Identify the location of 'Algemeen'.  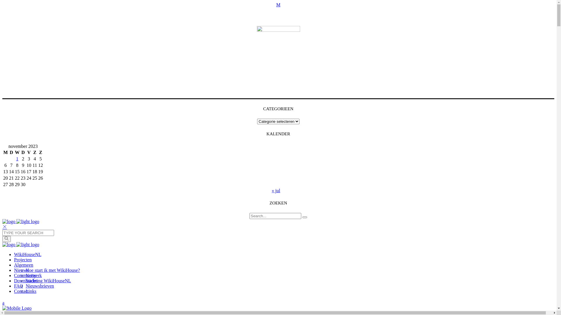
(23, 265).